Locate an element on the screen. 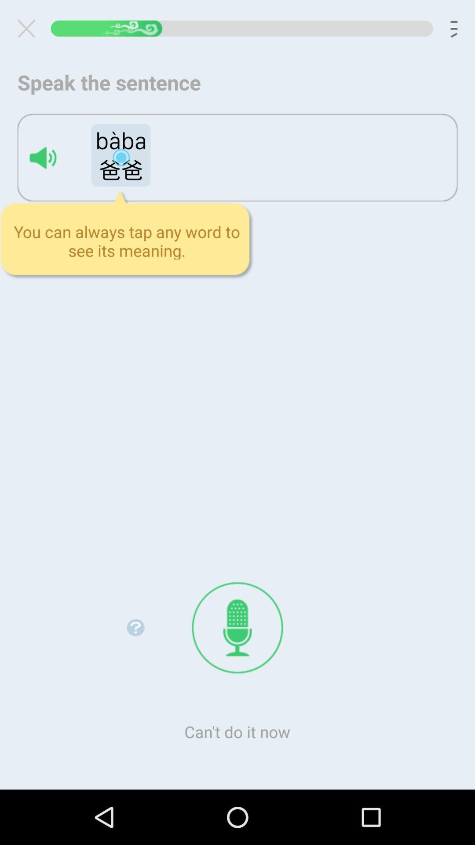 Image resolution: width=475 pixels, height=845 pixels. microphone is located at coordinates (237, 627).